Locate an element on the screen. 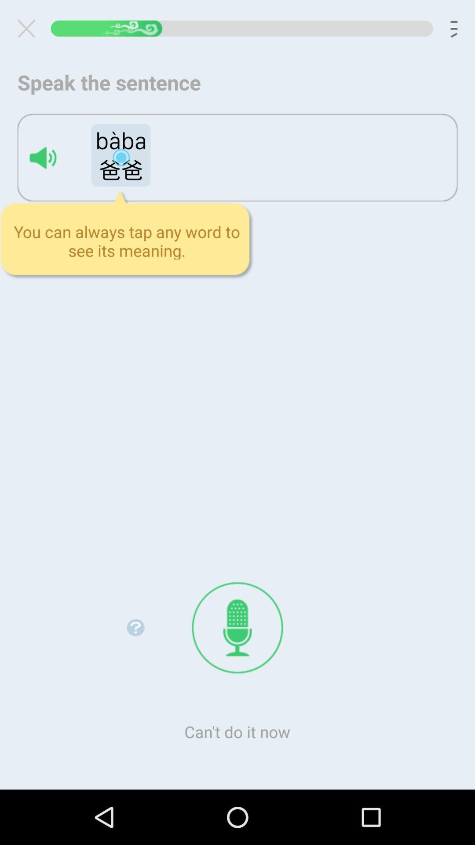 Image resolution: width=475 pixels, height=845 pixels. microphone is located at coordinates (237, 627).